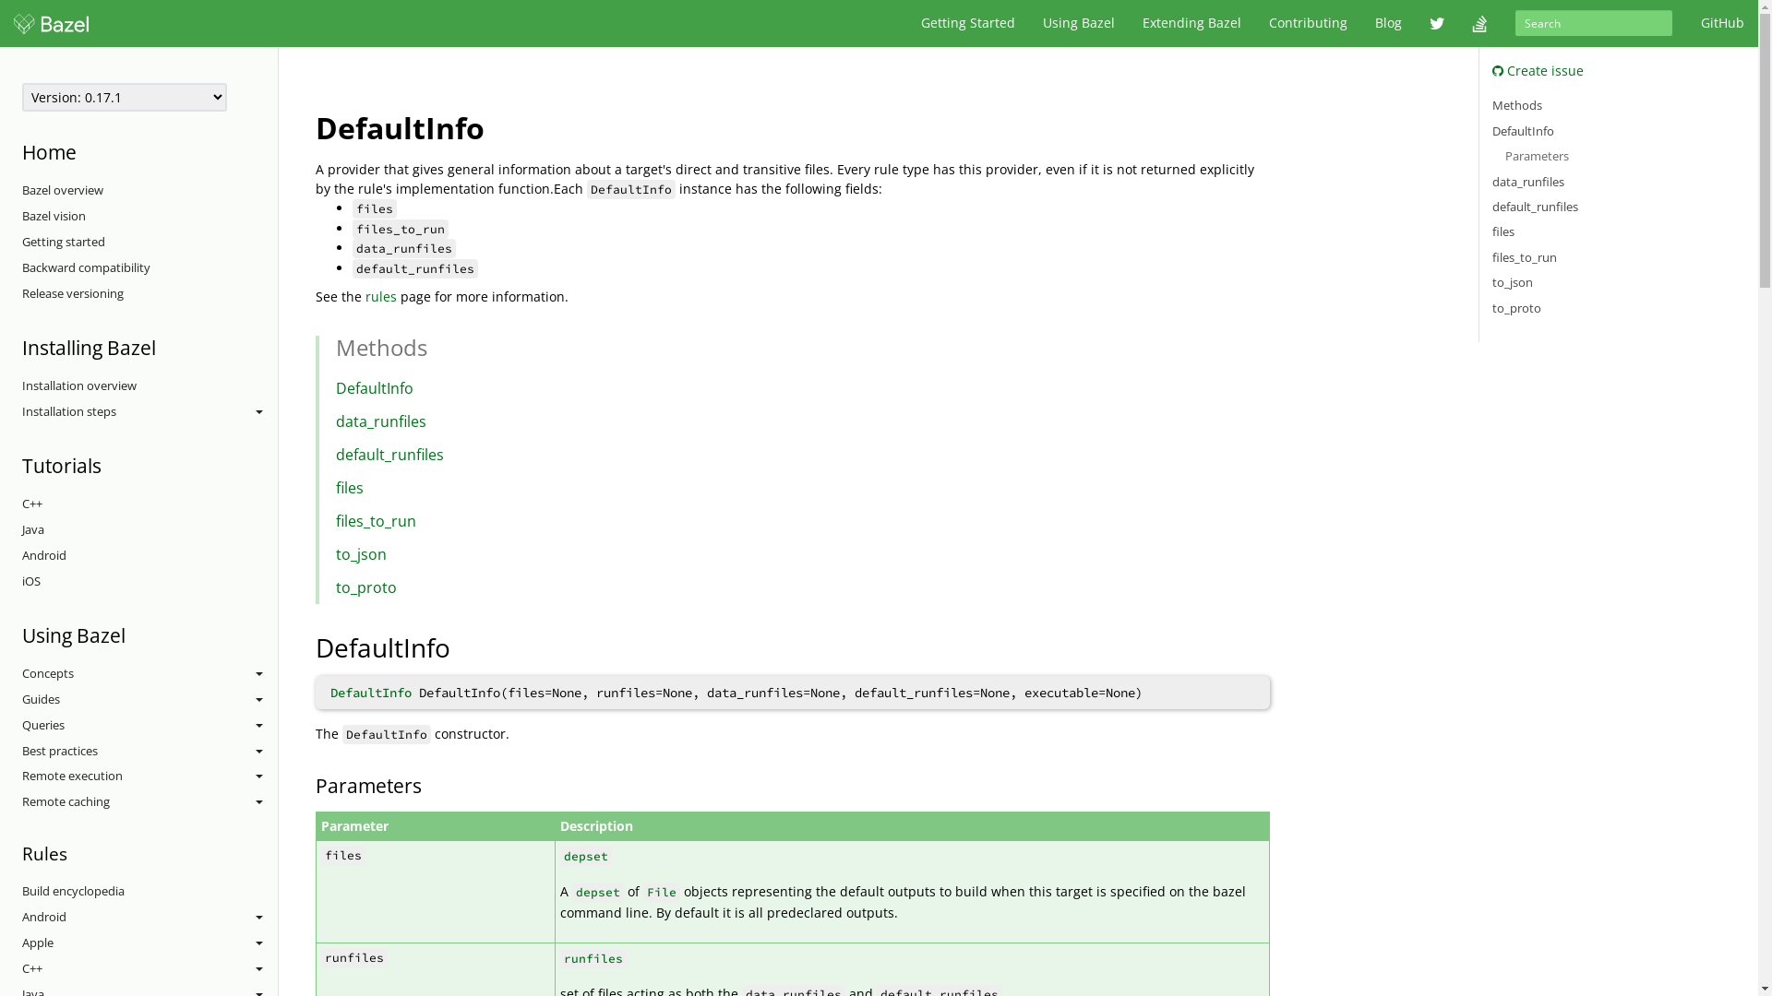  I want to click on 'Parameters', so click(1537, 155).